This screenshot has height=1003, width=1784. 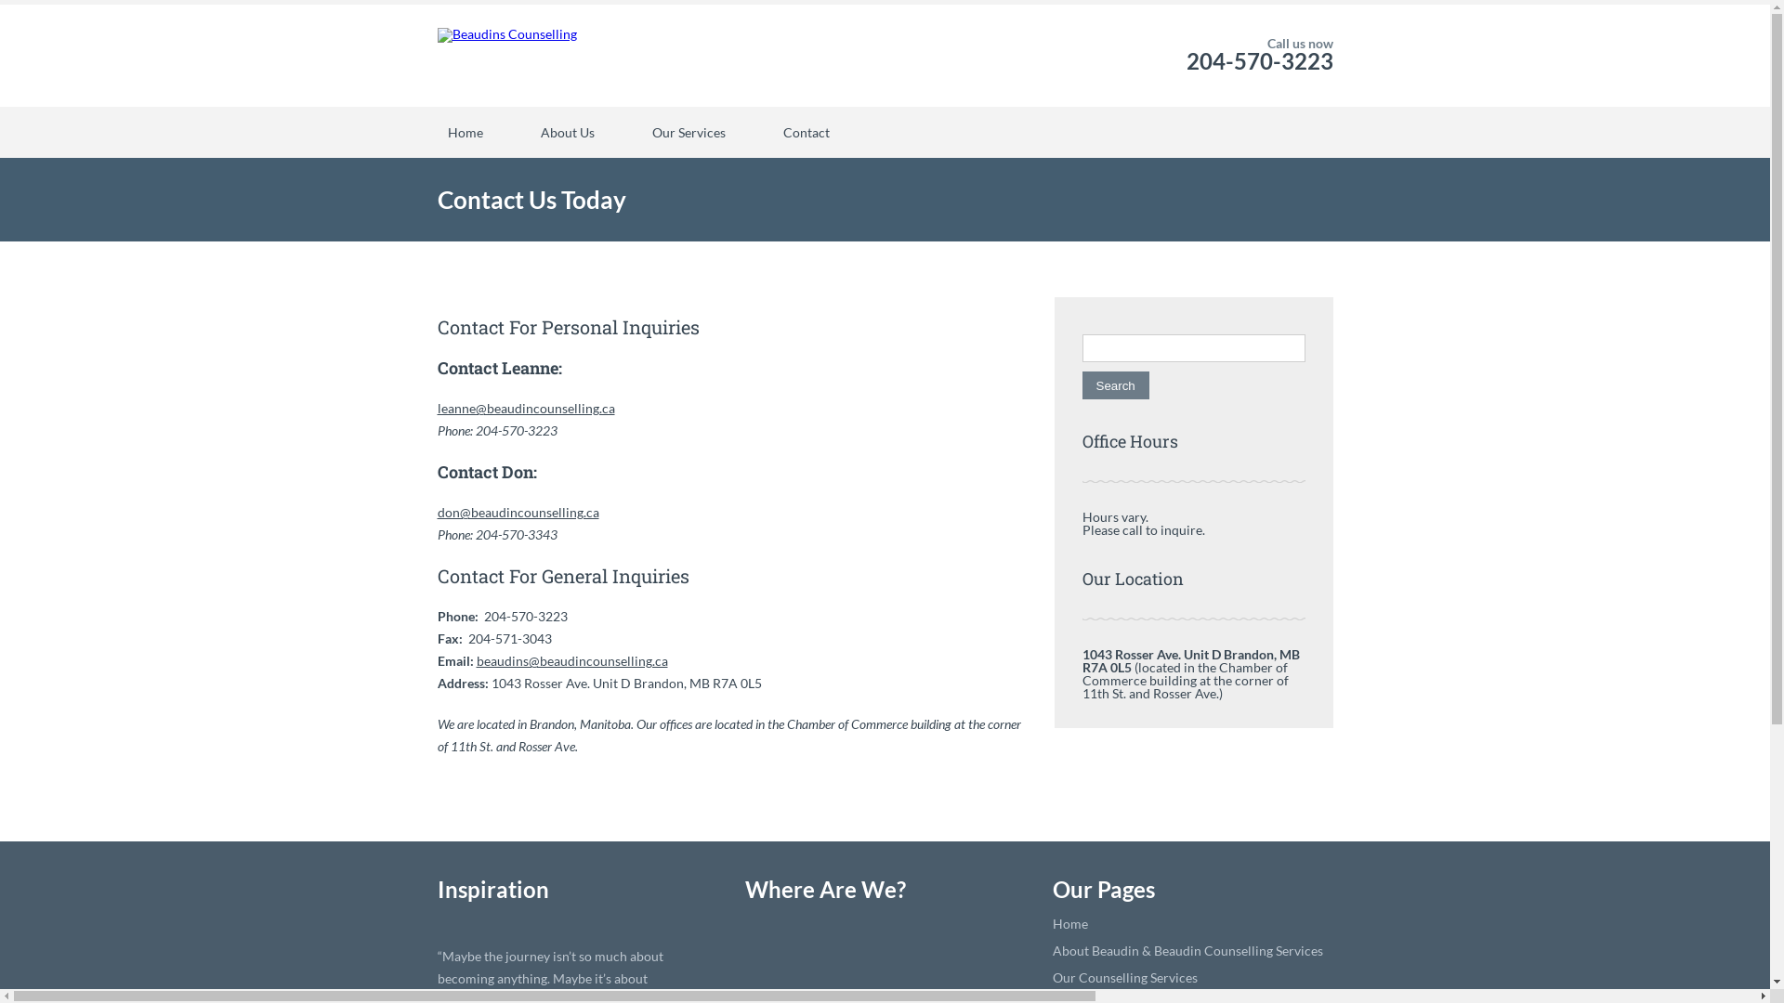 I want to click on '204-570-3223', so click(x=1258, y=59).